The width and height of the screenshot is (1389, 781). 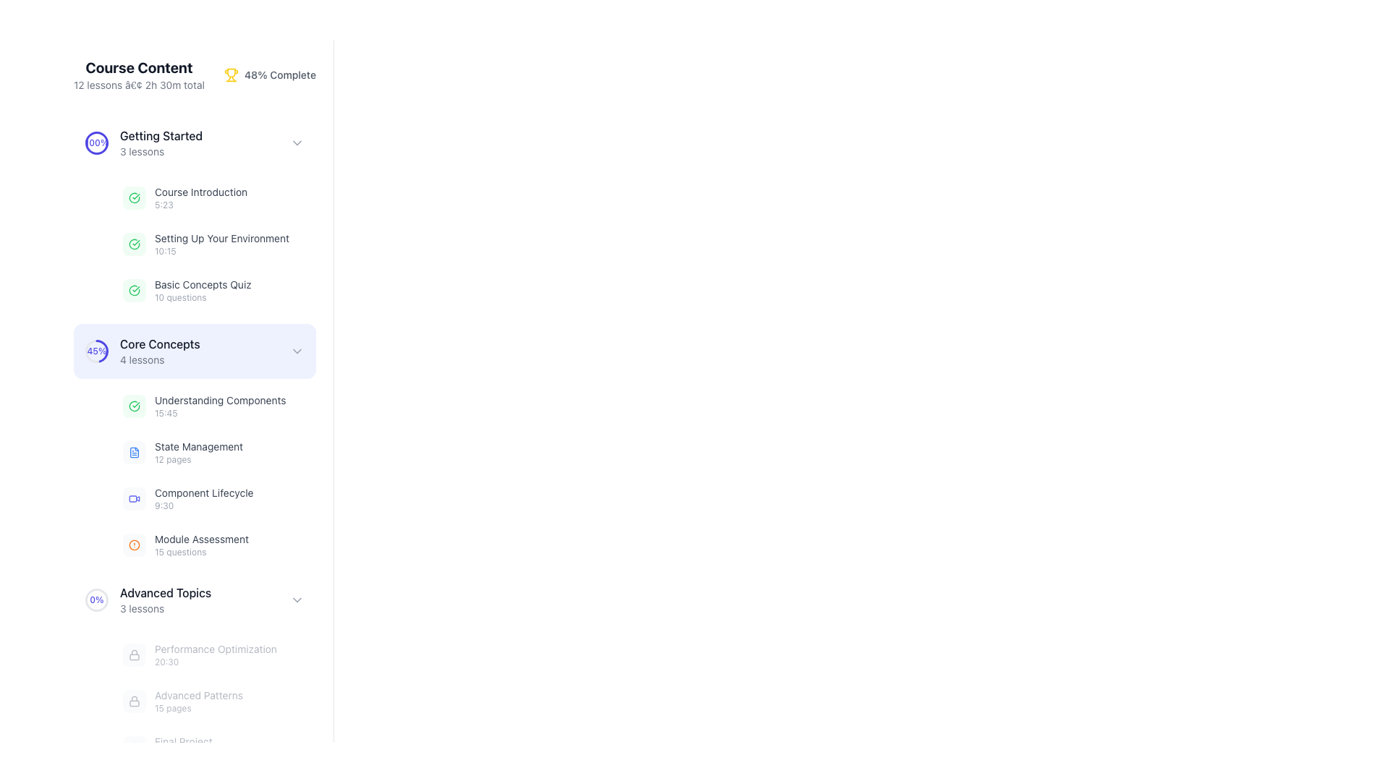 I want to click on the thin circular progress indicator with a gray border, located to the left of the 'Advanced Topics' section header, below the 'Core Concepts' progress circle, so click(x=96, y=599).